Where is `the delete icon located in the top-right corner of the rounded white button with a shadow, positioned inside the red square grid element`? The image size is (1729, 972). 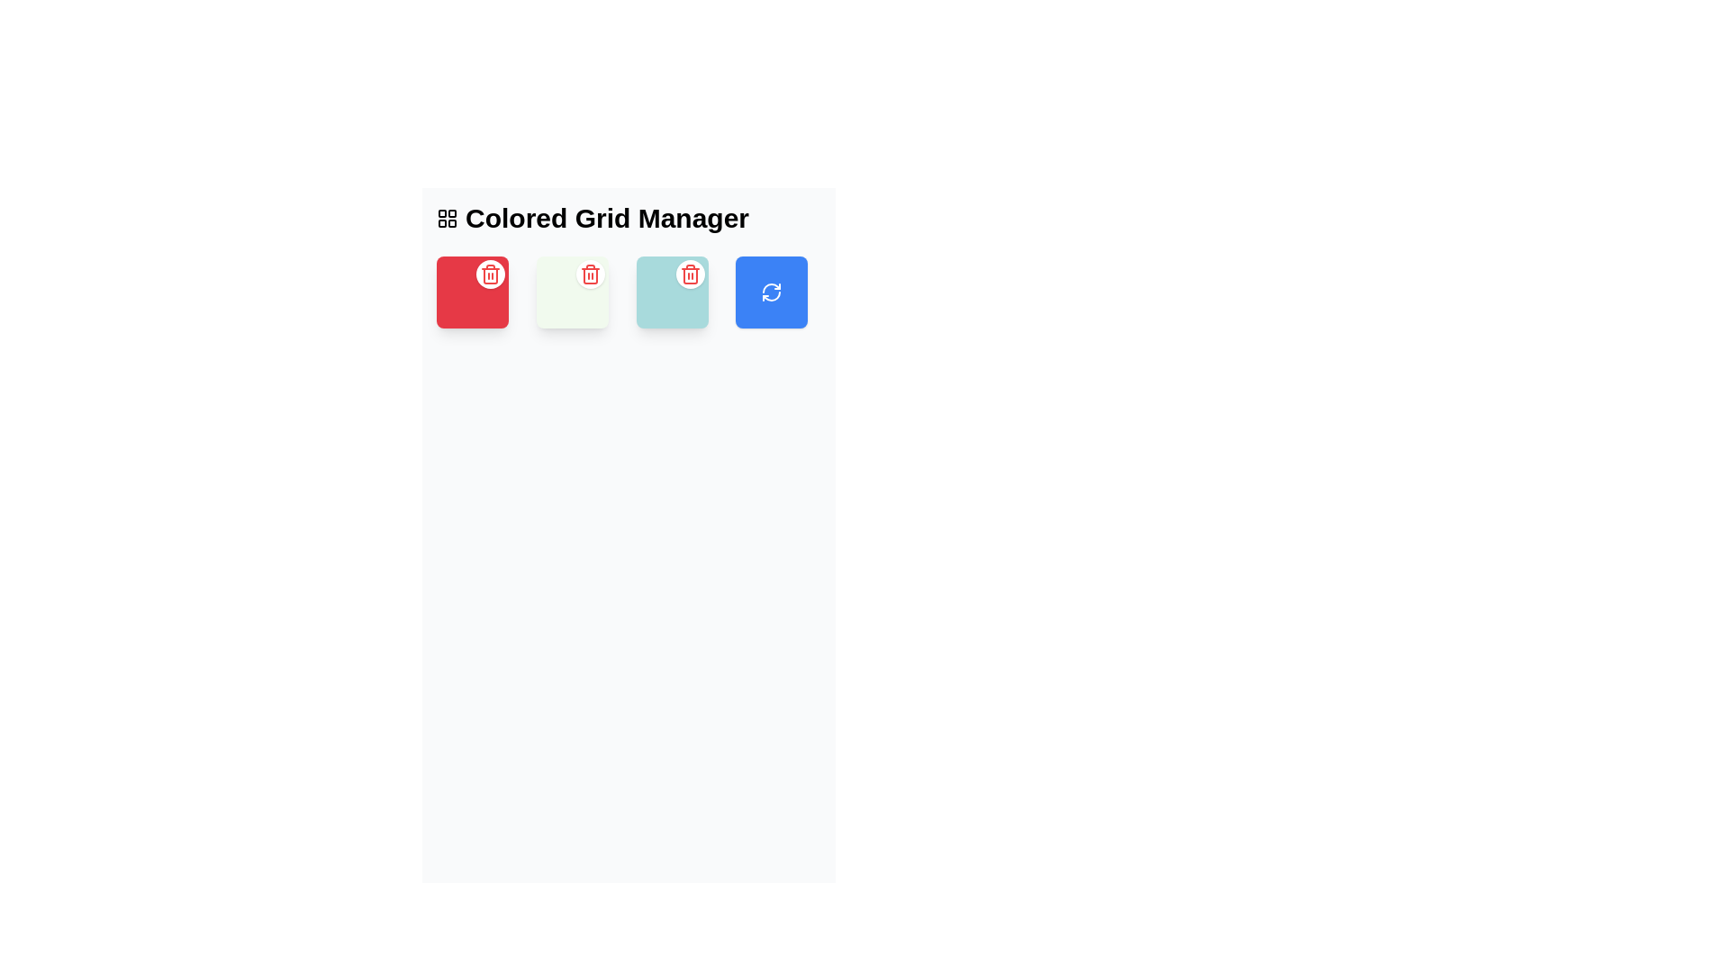
the delete icon located in the top-right corner of the rounded white button with a shadow, positioned inside the red square grid element is located at coordinates (590, 274).